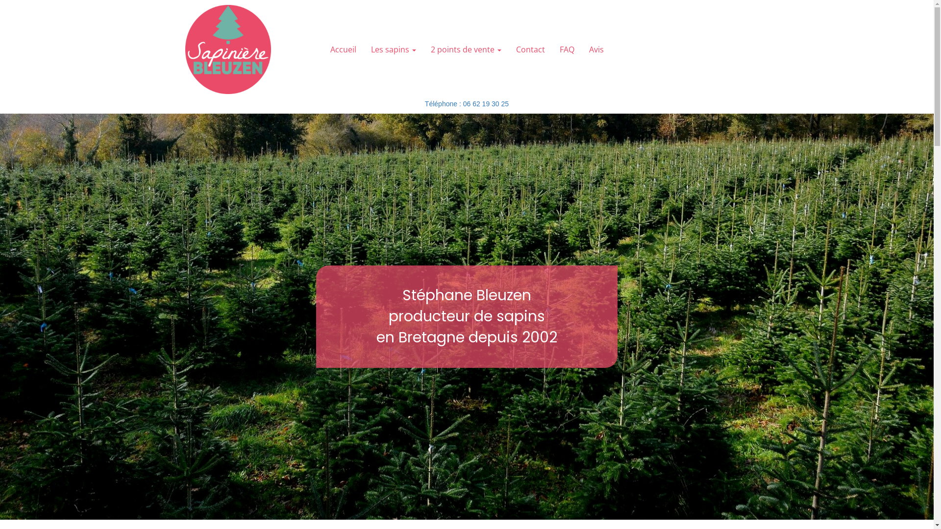 This screenshot has height=529, width=941. Describe the element at coordinates (393, 49) in the screenshot. I see `'Les sapins'` at that location.